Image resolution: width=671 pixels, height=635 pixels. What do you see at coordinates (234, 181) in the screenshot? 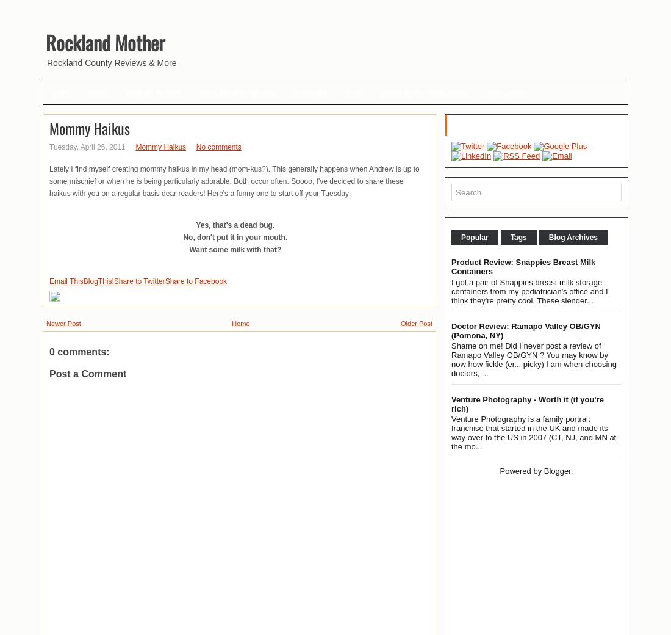
I see `'Lately I find myself creating mommy haikus in my head (mom-kus?). This generally happens when Andrew is up to some mischief or when he is being particularly adorable. Both occur often. Soooo, I've decided to share these haikus with you on a regular basis dear readers! Here's a funny one to start off your Tuesday:'` at bounding box center [234, 181].